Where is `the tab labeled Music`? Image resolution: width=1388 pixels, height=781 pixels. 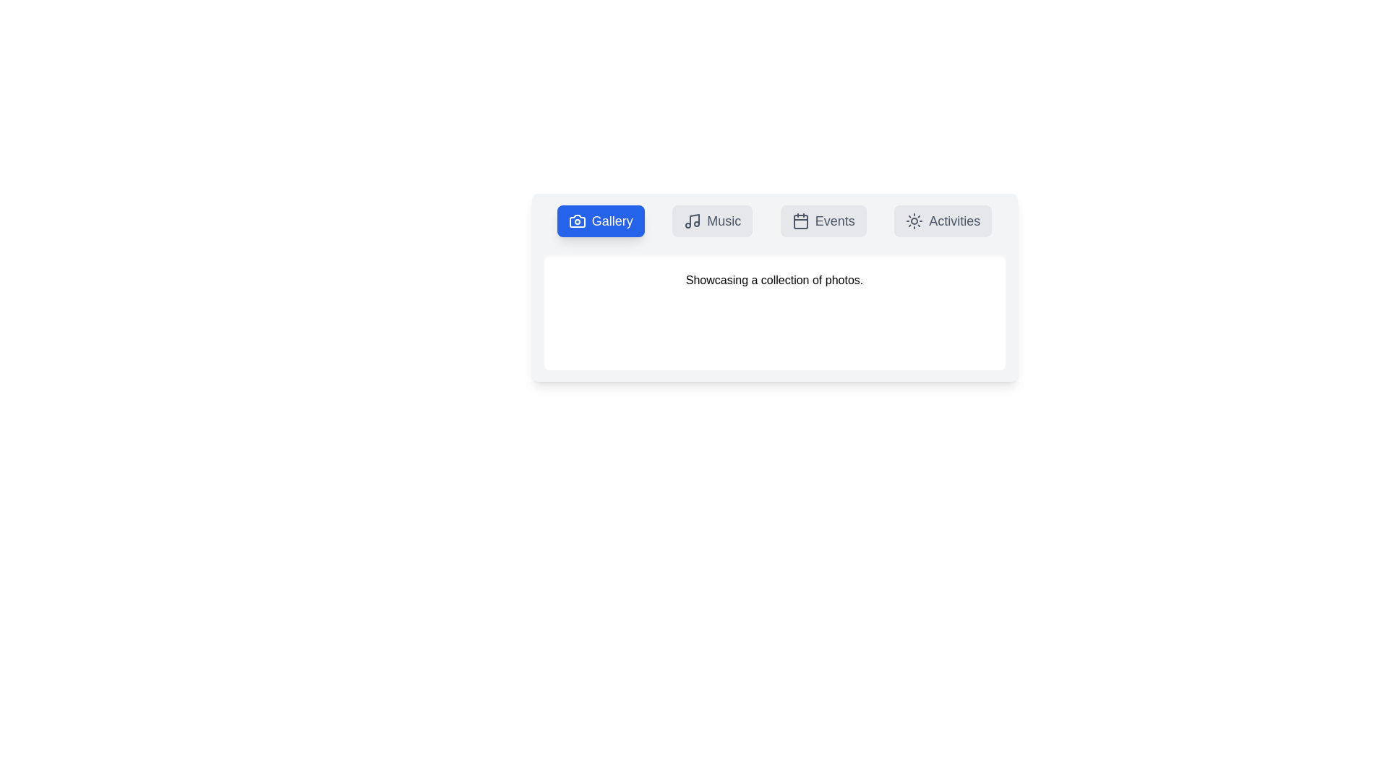 the tab labeled Music is located at coordinates (712, 221).